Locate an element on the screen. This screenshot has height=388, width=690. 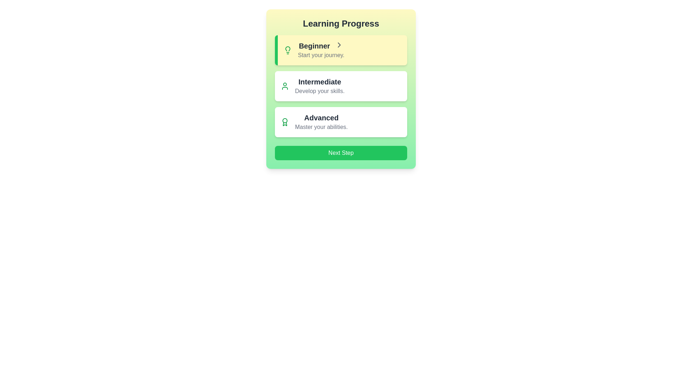
the text element displaying 'Develop your skills.' in gray color, located under the 'Intermediate' text within the 'Learning Progress' section is located at coordinates (319, 91).